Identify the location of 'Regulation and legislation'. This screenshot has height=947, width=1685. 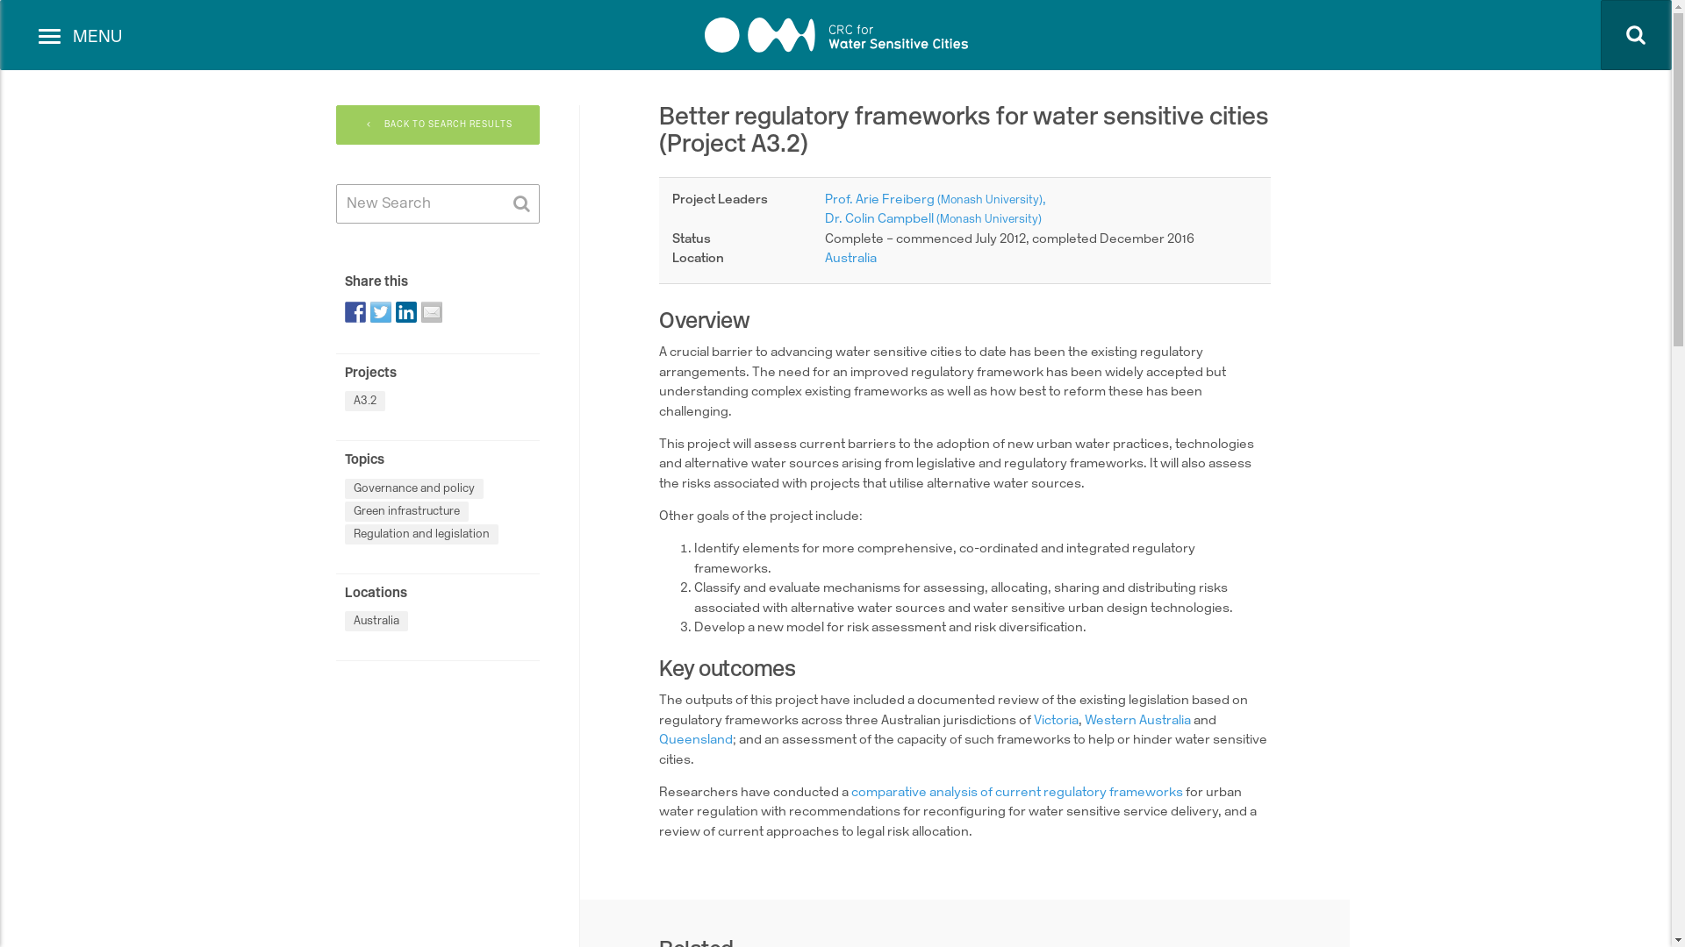
(419, 533).